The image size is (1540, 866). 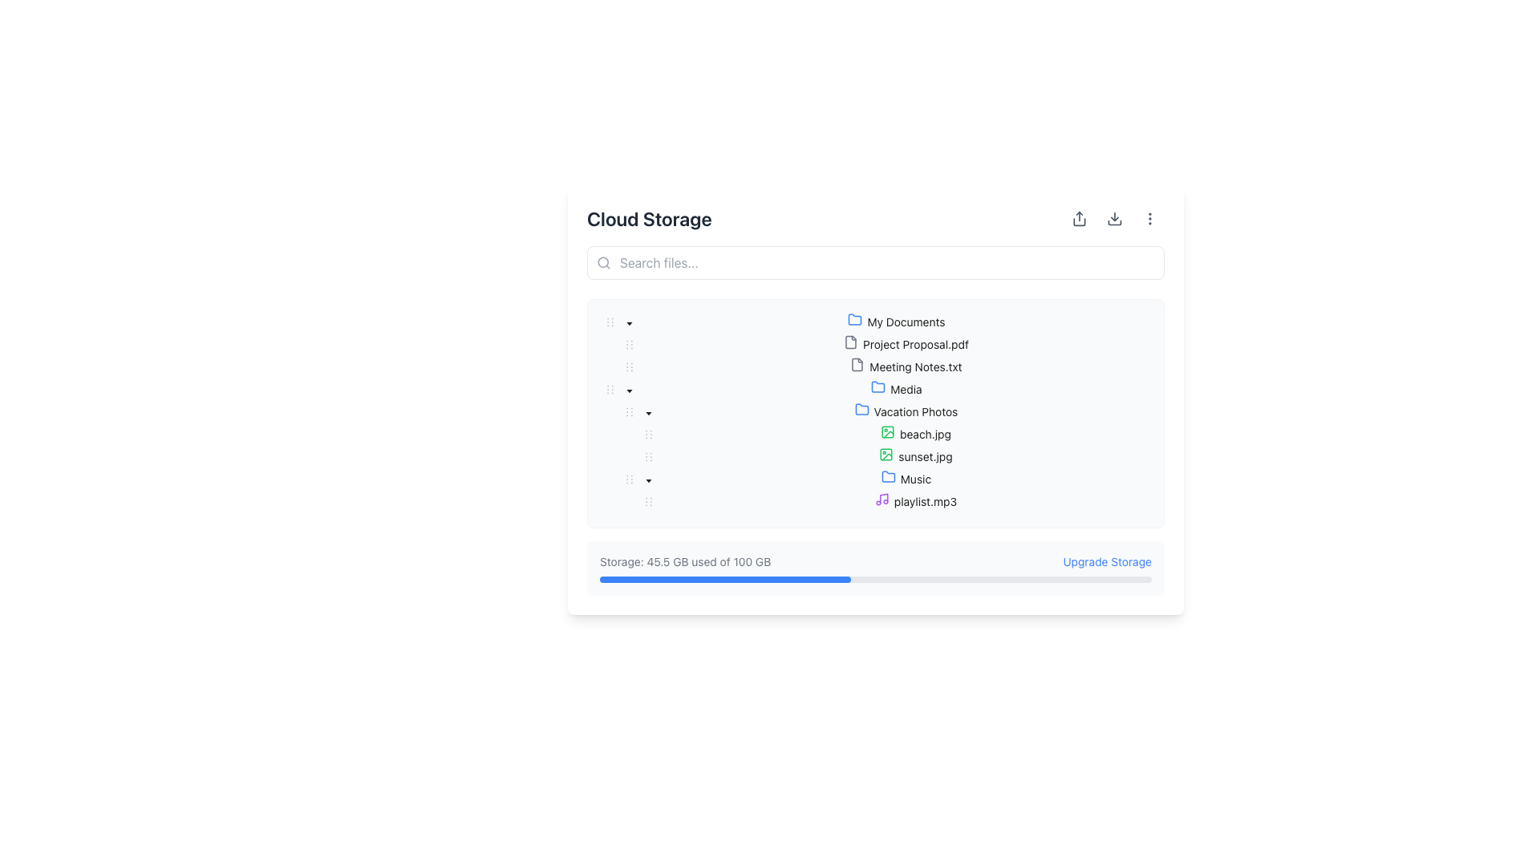 I want to click on the small black downward-facing triangular icon next to the 'Vacation Photos' folder, so click(x=649, y=480).